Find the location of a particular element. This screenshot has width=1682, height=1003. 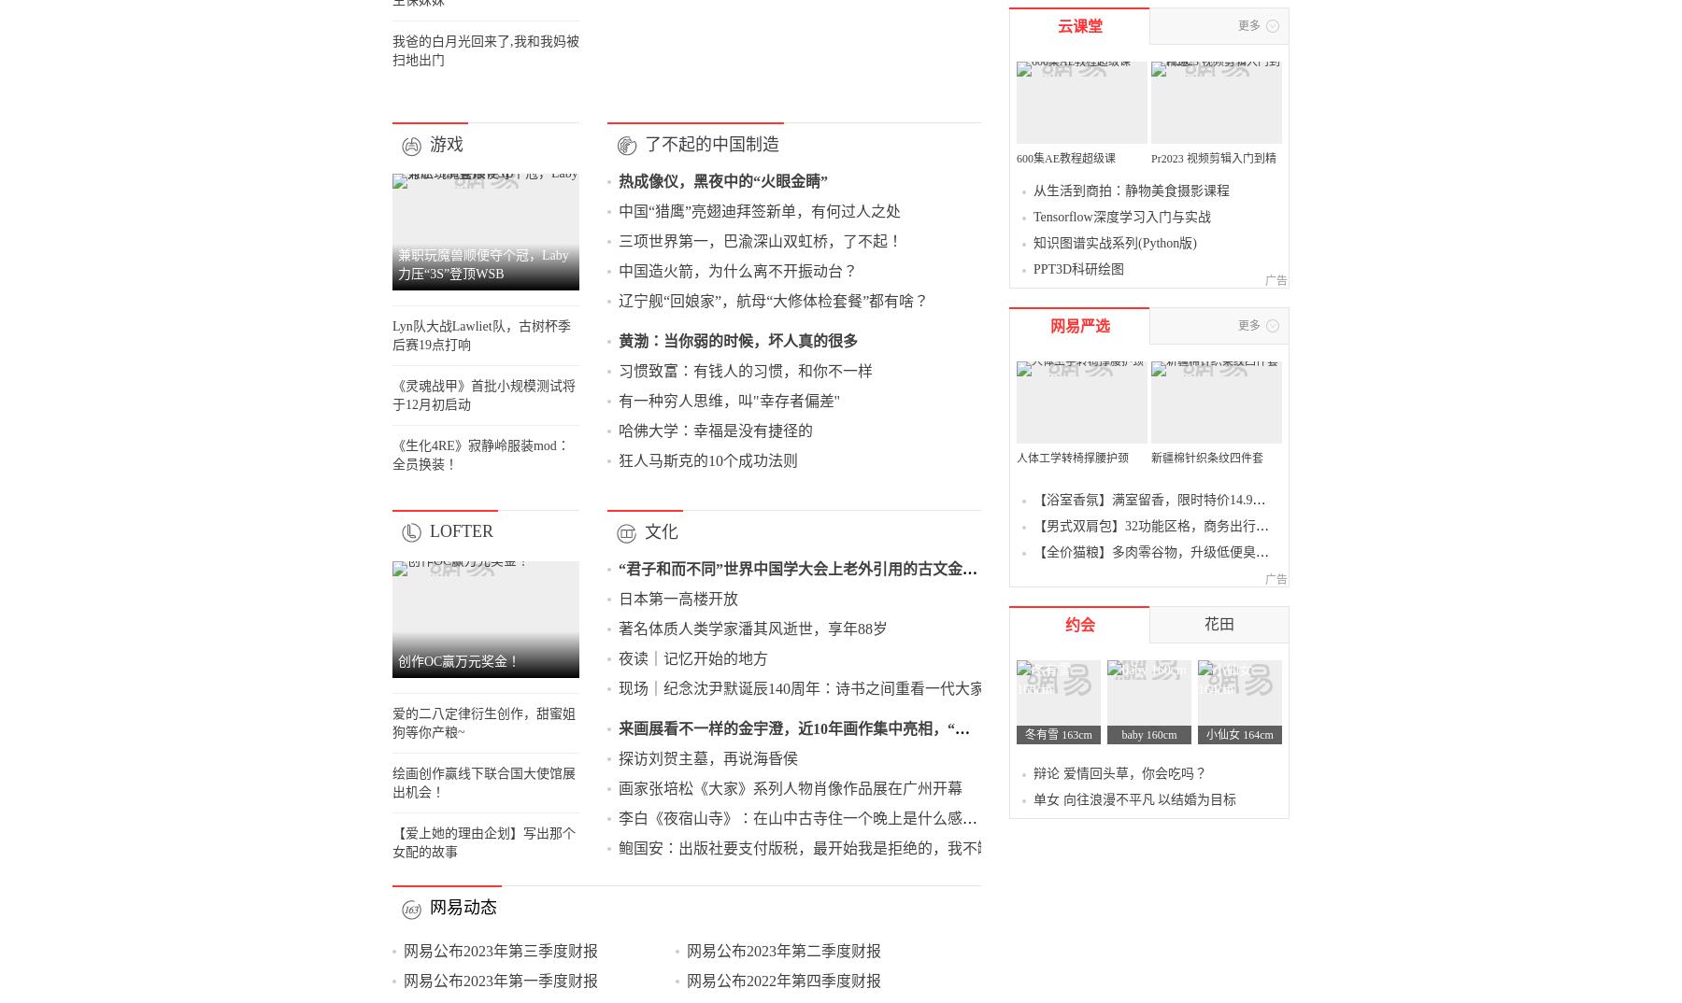

'PPT3D科研绘图' is located at coordinates (1144, 695).